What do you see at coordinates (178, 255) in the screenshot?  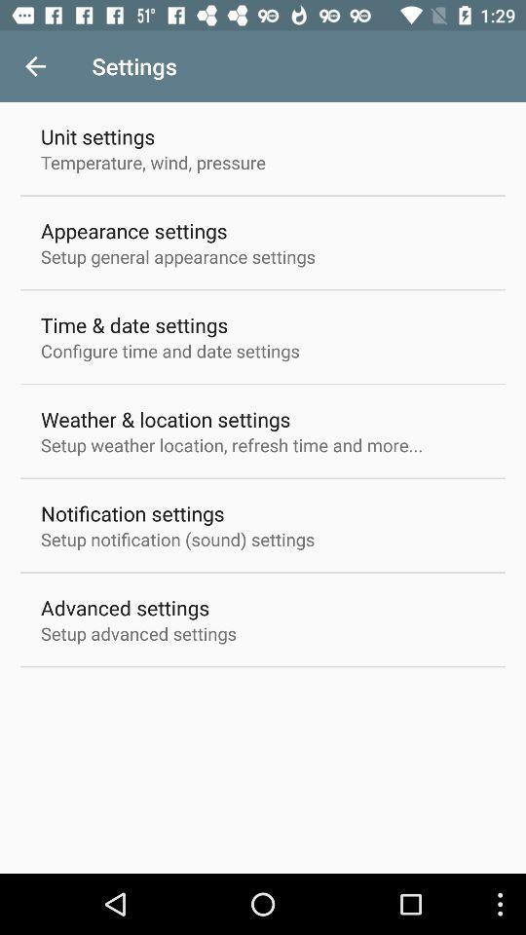 I see `setup general appearance icon` at bounding box center [178, 255].